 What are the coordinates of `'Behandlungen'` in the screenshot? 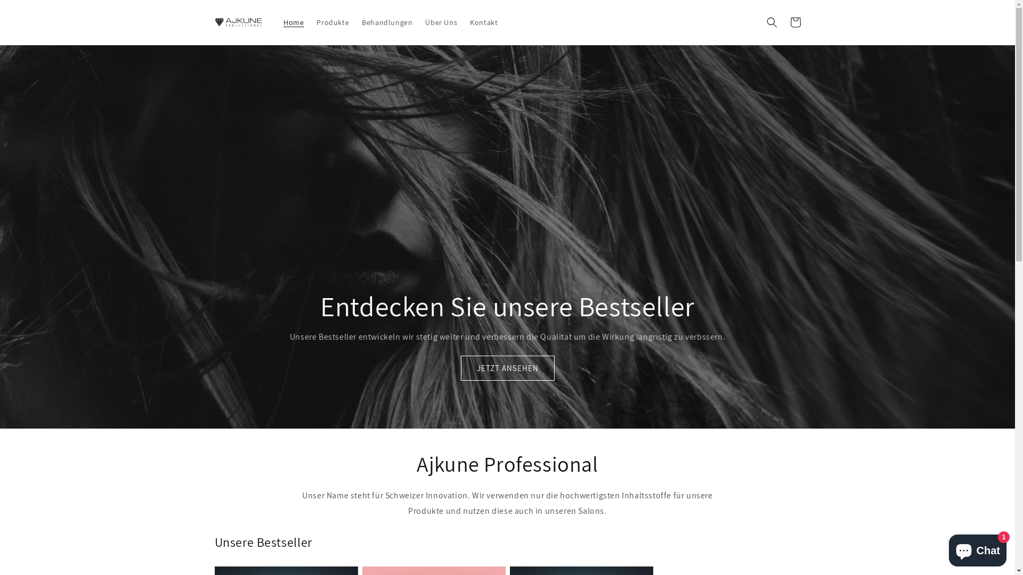 It's located at (355, 22).